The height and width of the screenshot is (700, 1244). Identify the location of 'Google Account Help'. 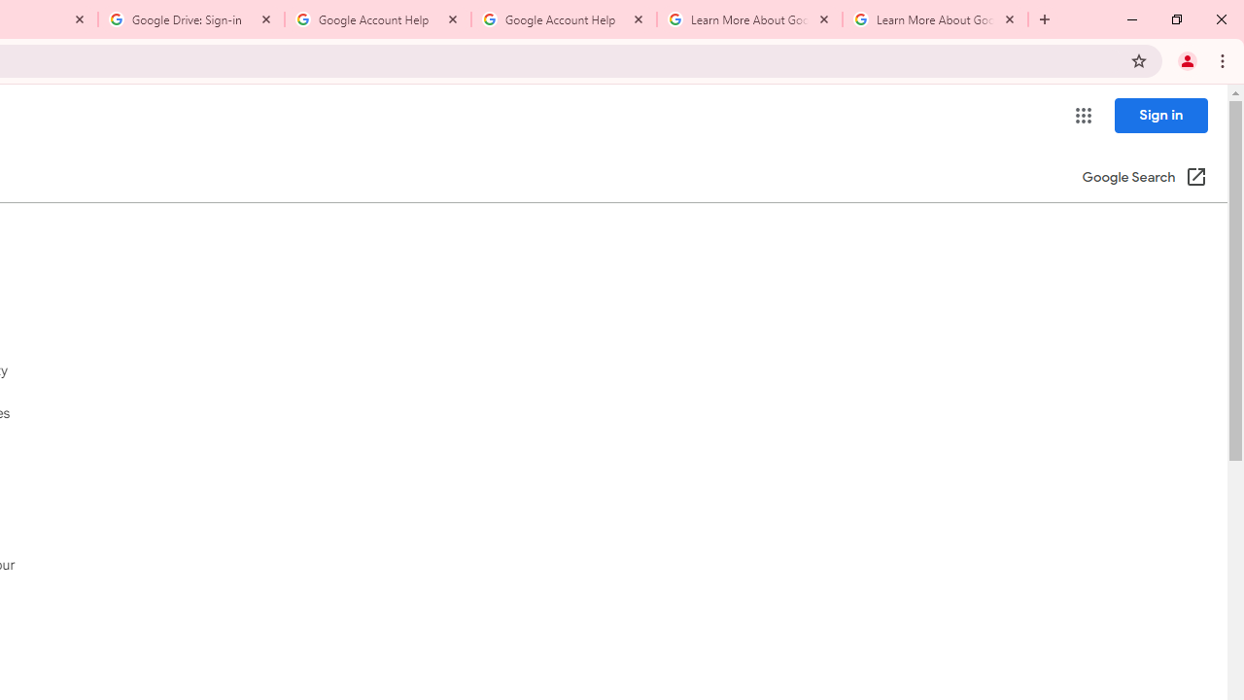
(563, 19).